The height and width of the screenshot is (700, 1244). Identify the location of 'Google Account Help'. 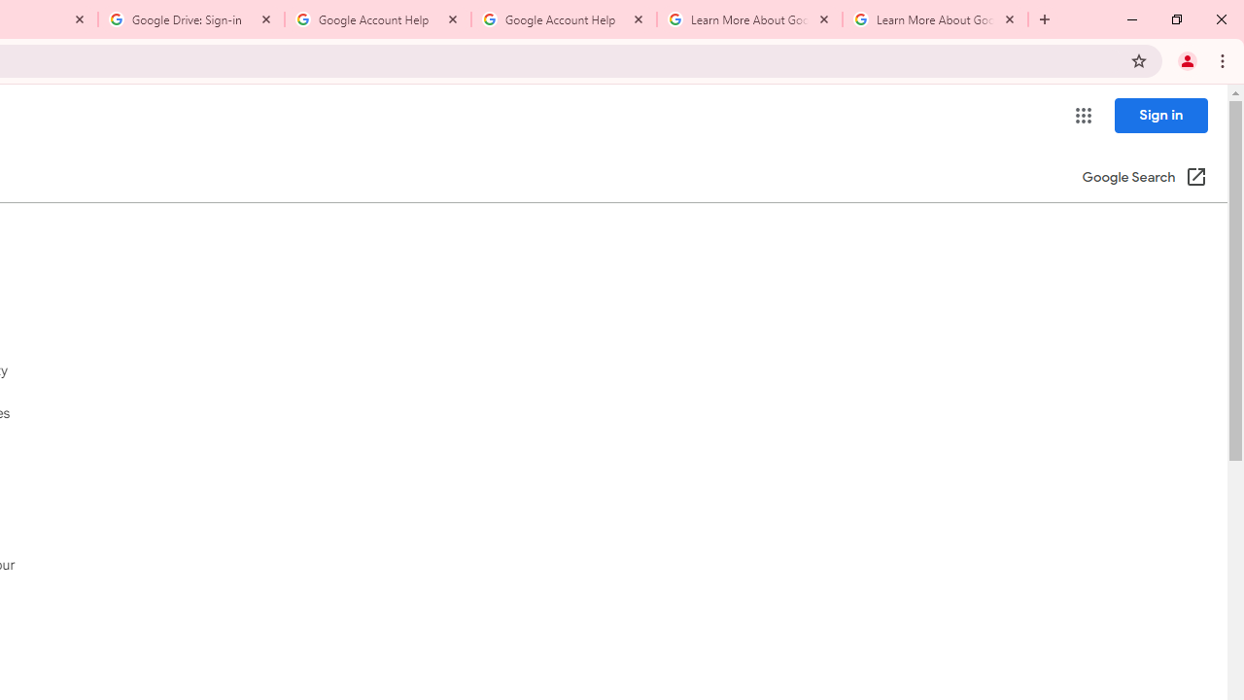
(563, 19).